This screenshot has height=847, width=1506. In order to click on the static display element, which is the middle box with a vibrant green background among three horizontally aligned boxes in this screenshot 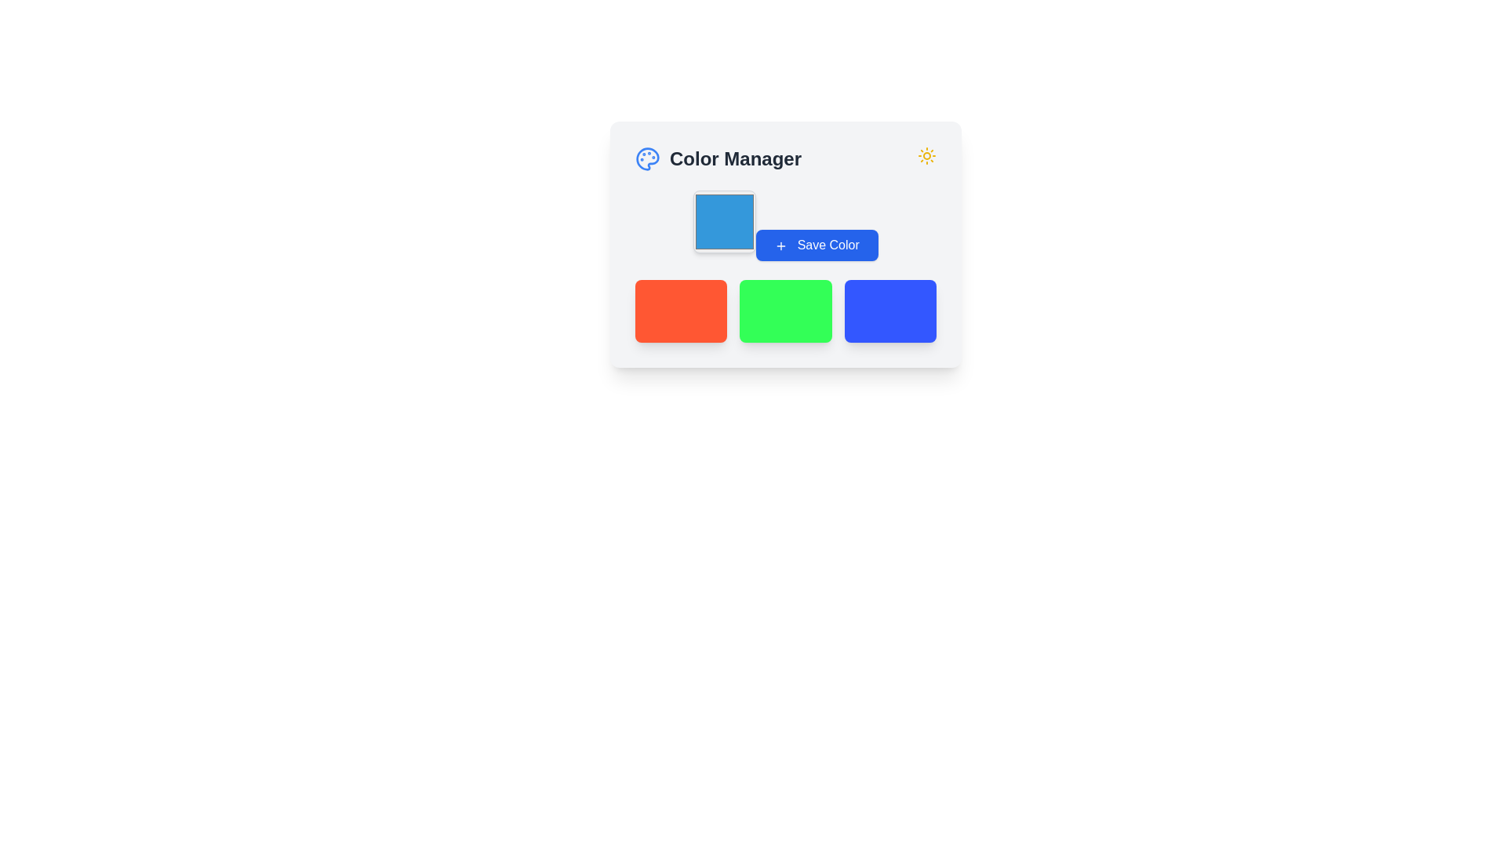, I will do `click(786, 311)`.